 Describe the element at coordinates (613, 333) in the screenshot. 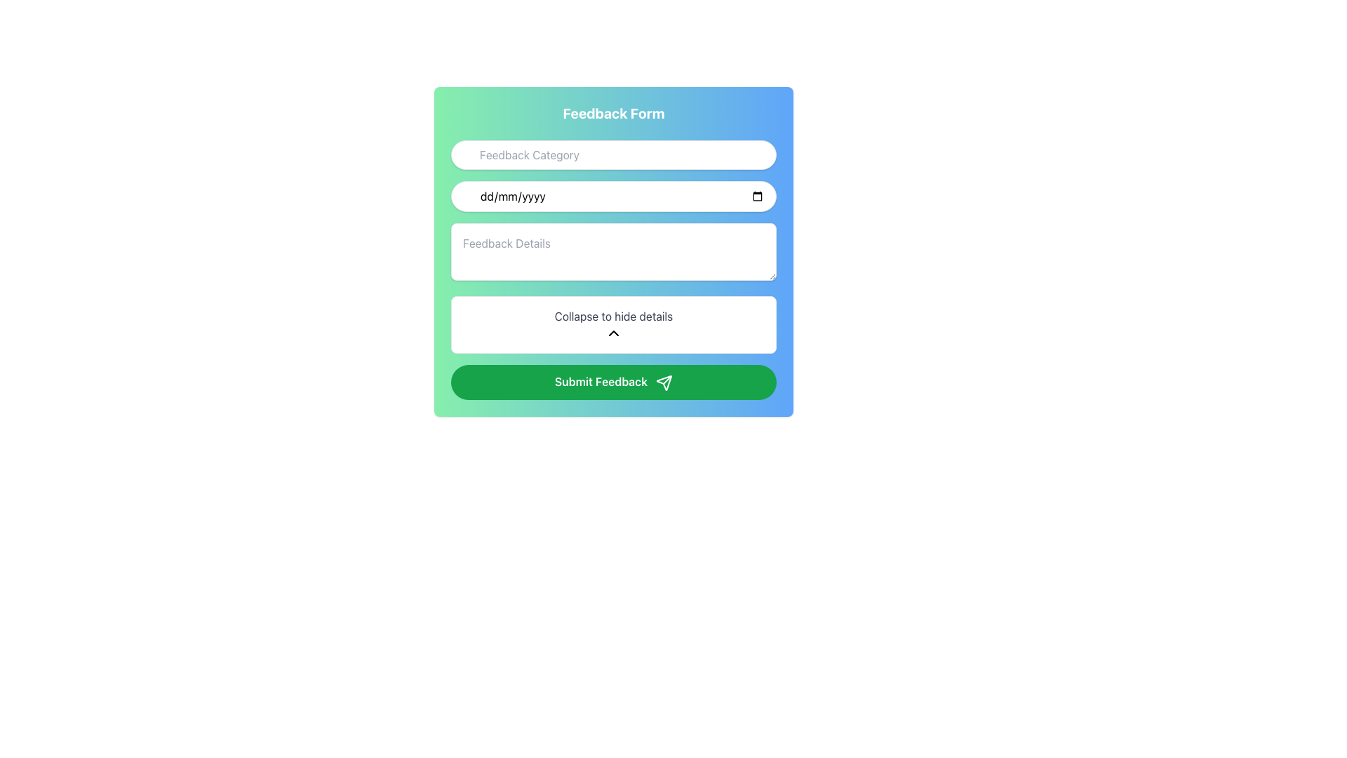

I see `the chevron icon located beneath the 'Collapse to hide details' text in the center of the feedback form area` at that location.